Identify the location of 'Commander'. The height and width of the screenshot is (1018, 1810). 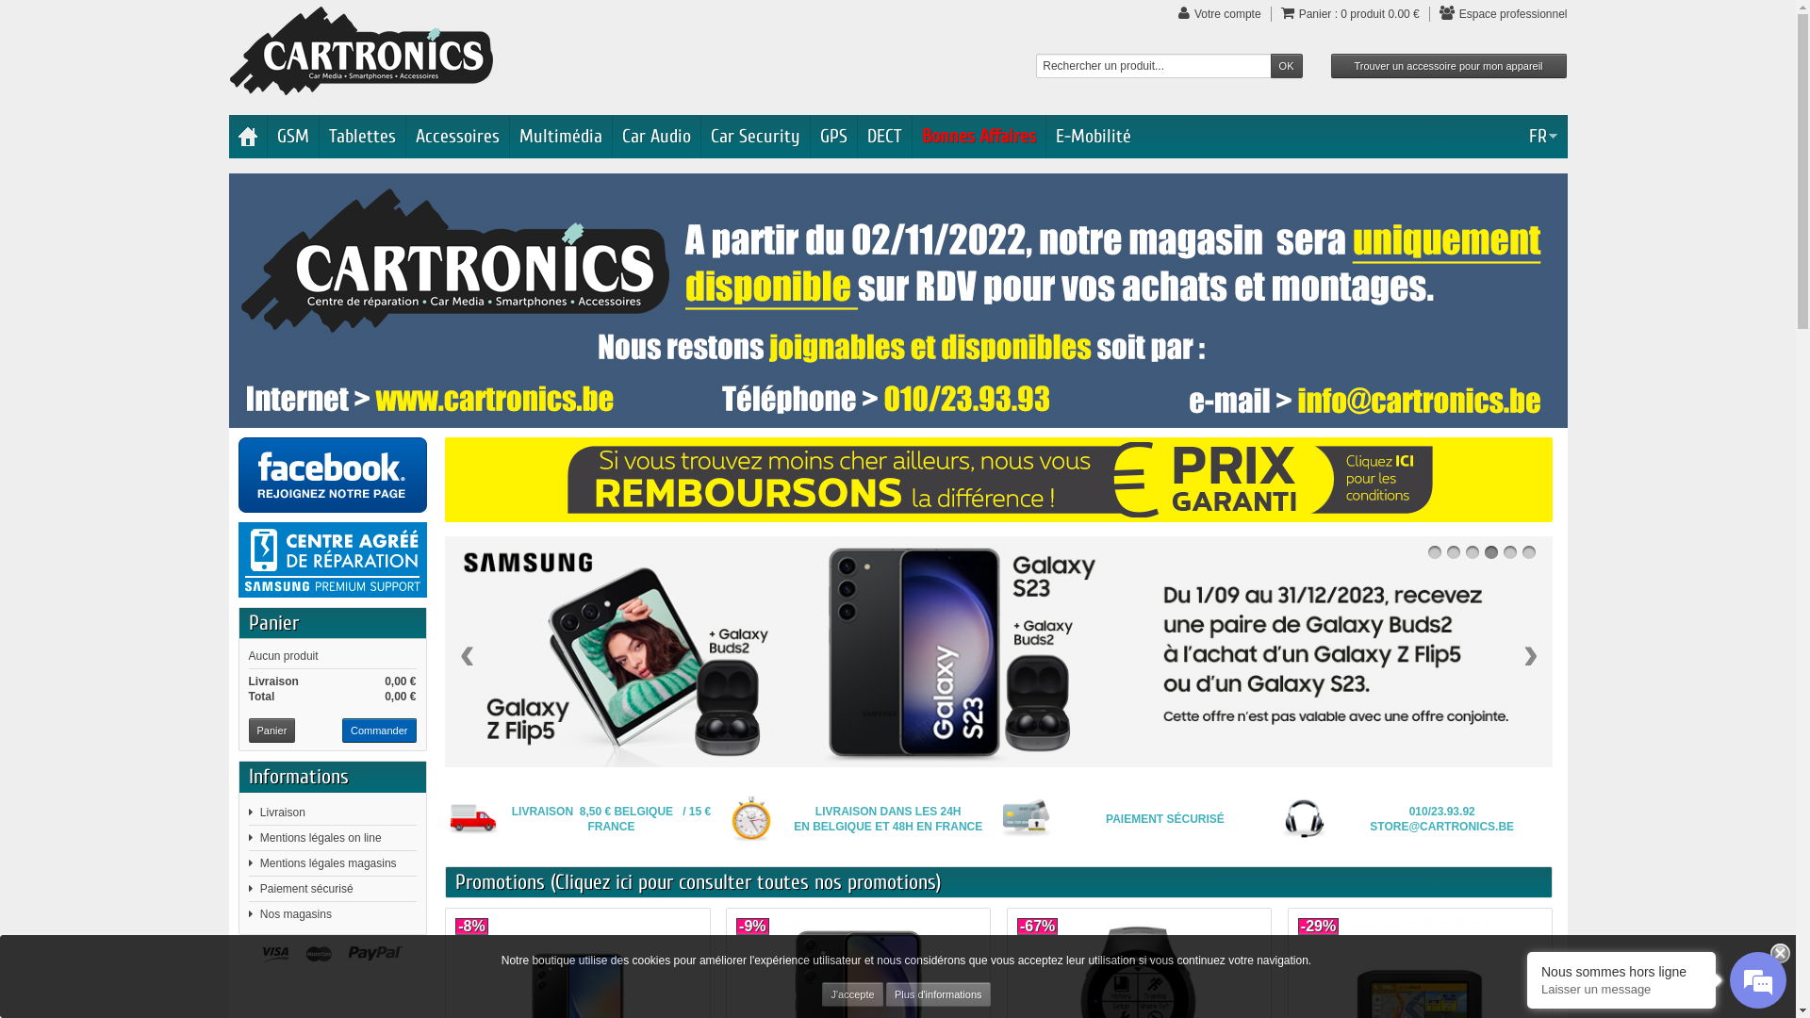
(378, 730).